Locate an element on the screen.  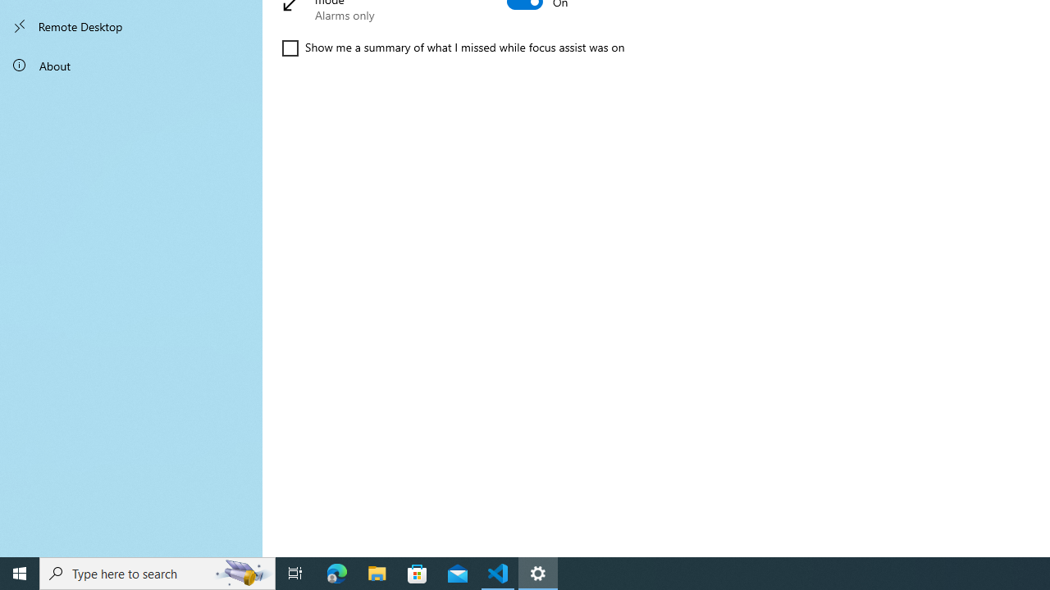
'Settings - 1 running window' is located at coordinates (538, 572).